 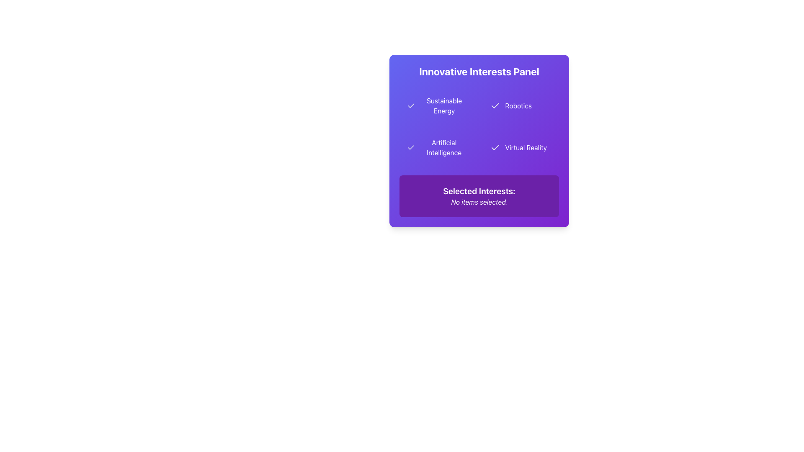 What do you see at coordinates (495, 147) in the screenshot?
I see `the checkmark icon representing the selected status for the 'Virtual Reality' option` at bounding box center [495, 147].